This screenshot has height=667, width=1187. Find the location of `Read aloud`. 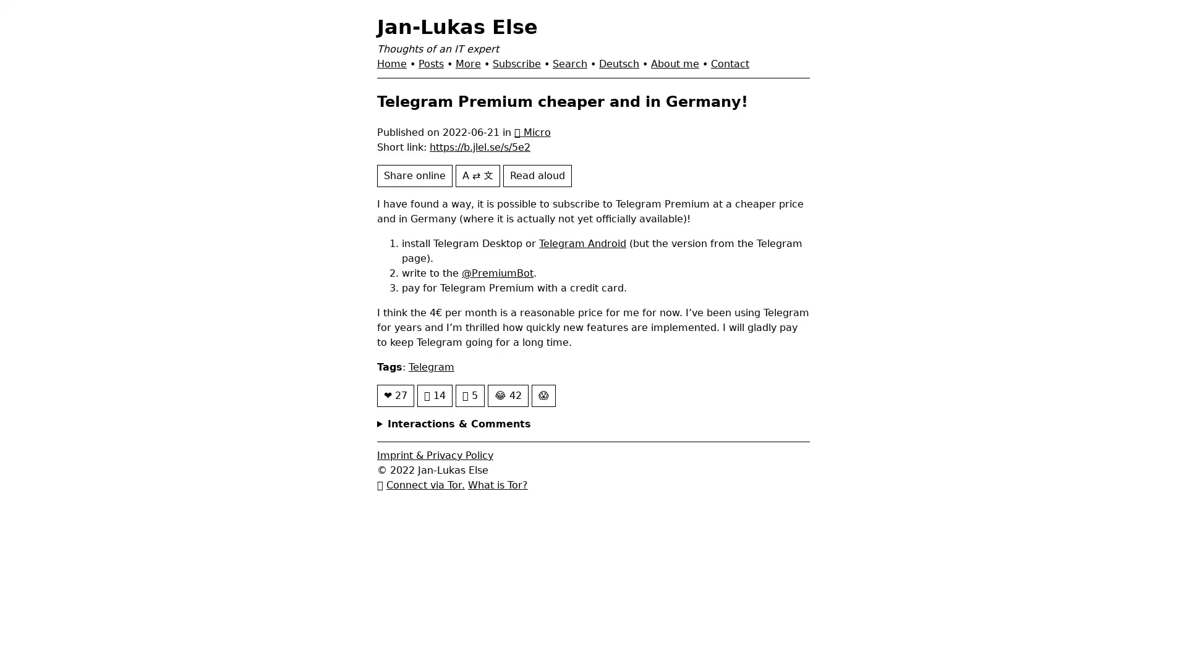

Read aloud is located at coordinates (537, 175).